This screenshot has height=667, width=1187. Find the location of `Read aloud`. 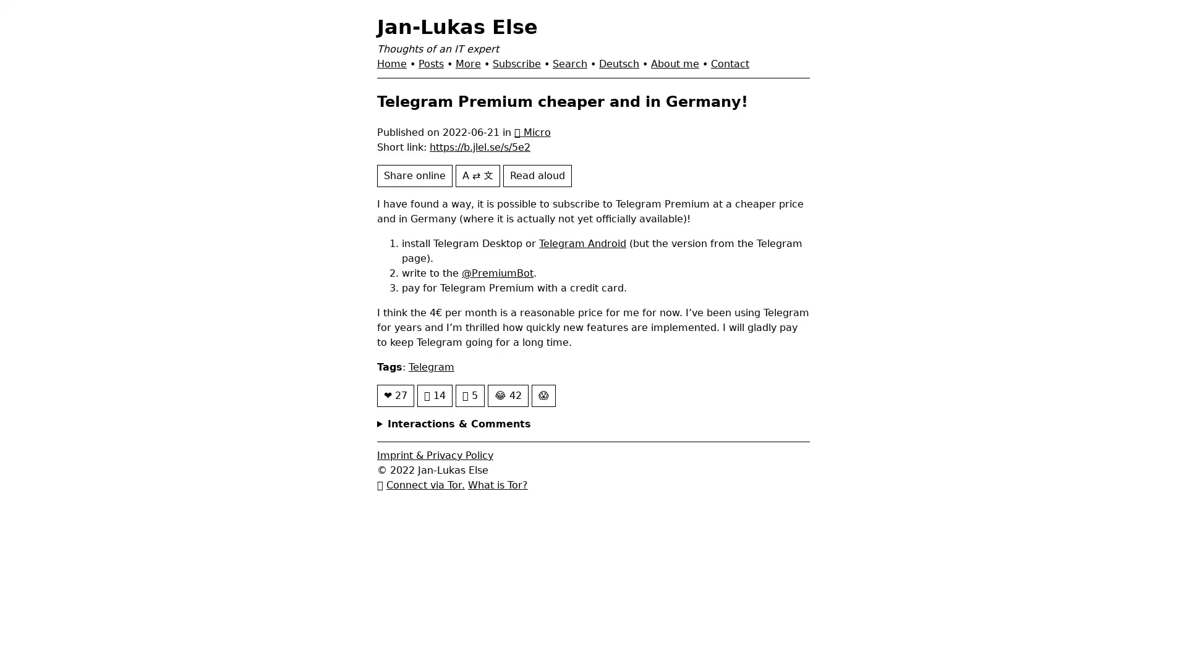

Read aloud is located at coordinates (537, 175).